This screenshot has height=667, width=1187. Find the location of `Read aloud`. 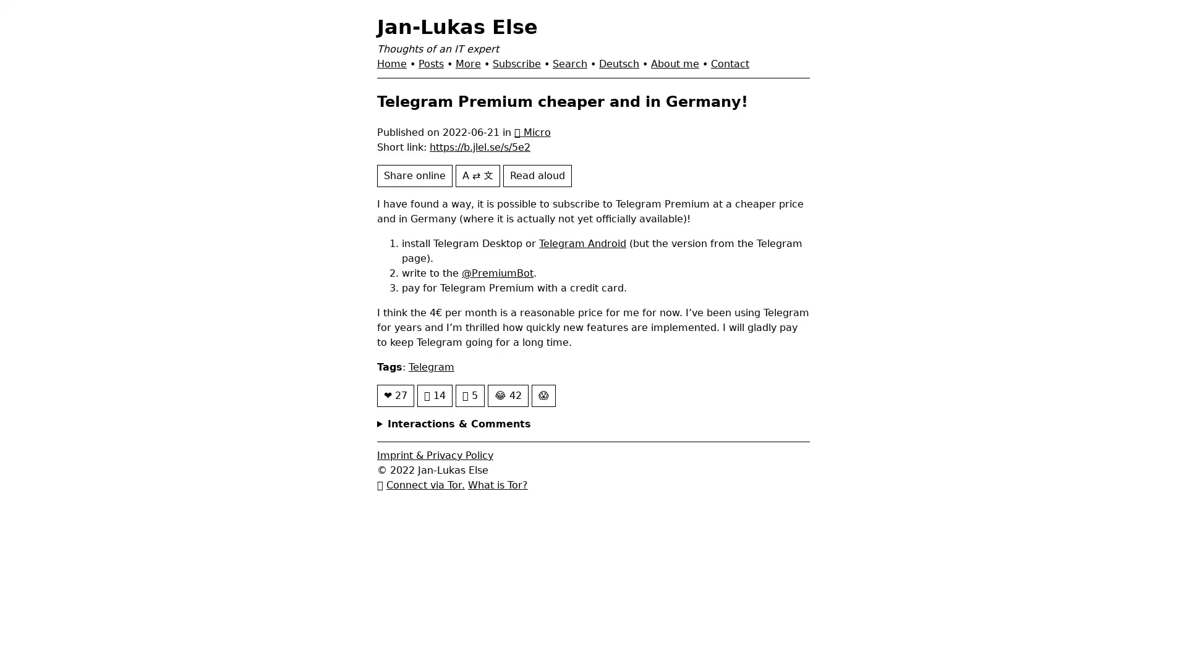

Read aloud is located at coordinates (537, 175).